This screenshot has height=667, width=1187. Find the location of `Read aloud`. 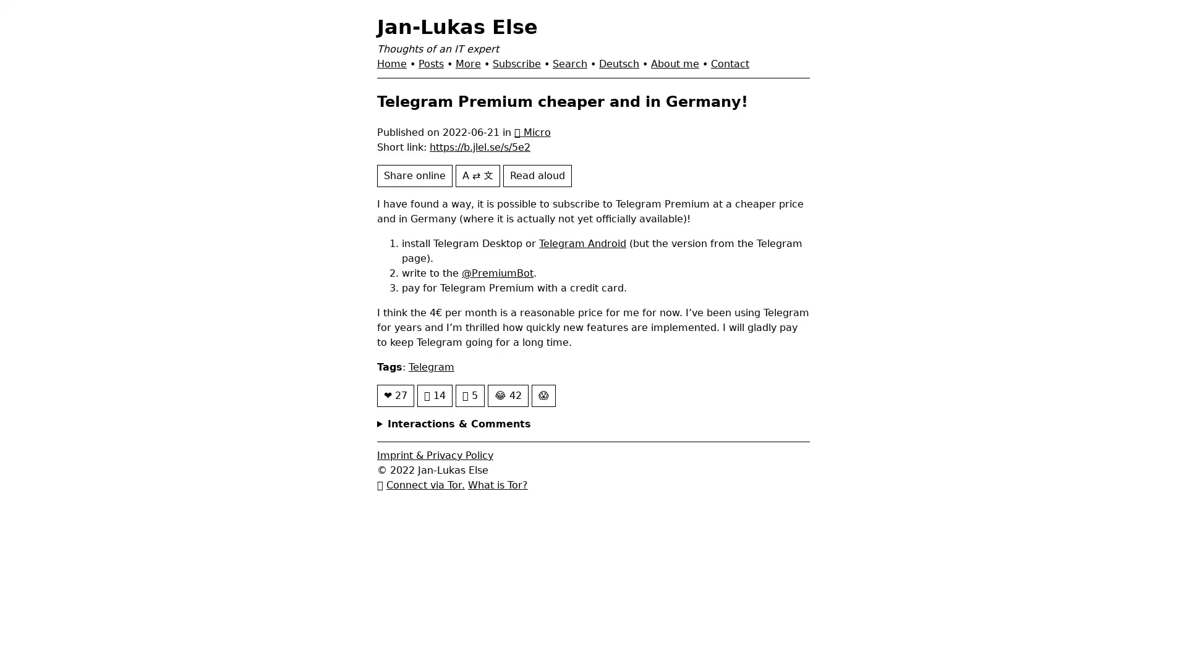

Read aloud is located at coordinates (537, 175).